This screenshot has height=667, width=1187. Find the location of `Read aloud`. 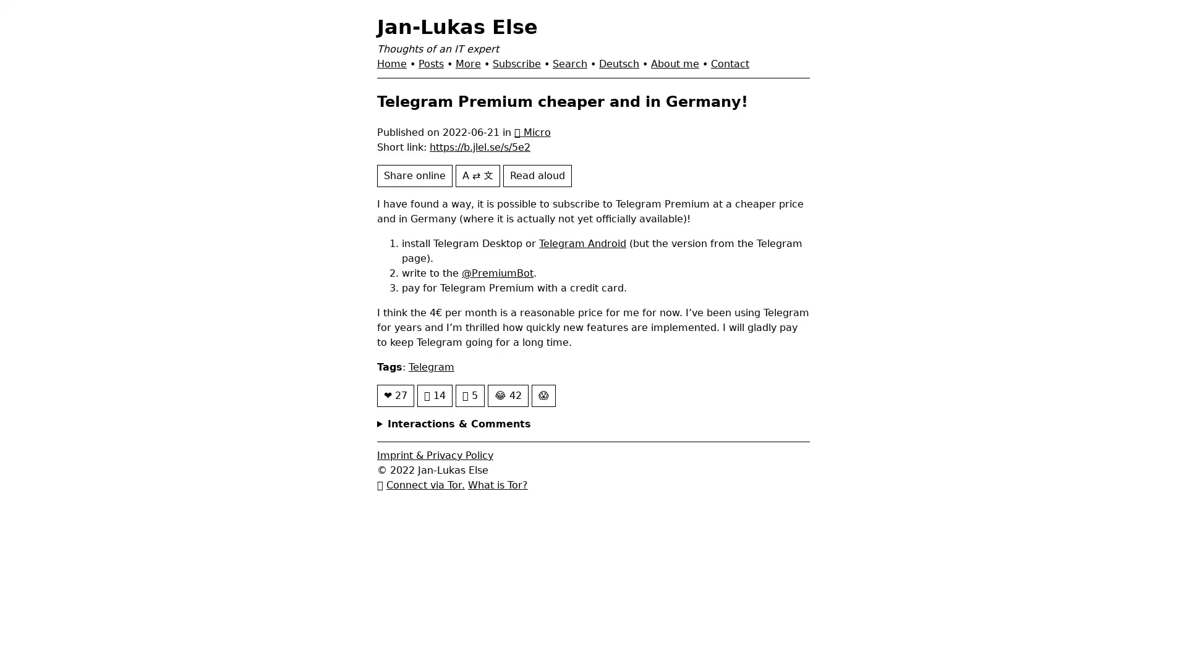

Read aloud is located at coordinates (537, 175).